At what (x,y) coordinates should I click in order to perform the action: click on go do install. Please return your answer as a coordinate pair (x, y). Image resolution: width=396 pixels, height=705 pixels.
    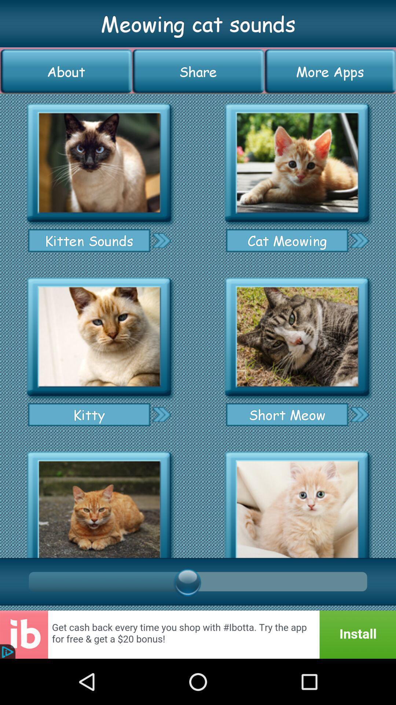
    Looking at the image, I should click on (198, 634).